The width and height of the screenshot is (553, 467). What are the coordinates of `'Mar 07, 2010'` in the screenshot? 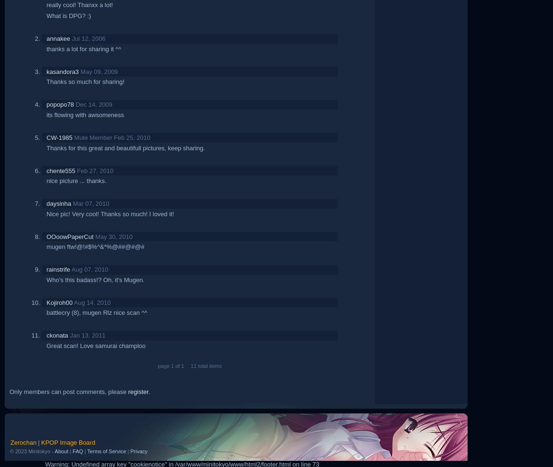 It's located at (90, 203).